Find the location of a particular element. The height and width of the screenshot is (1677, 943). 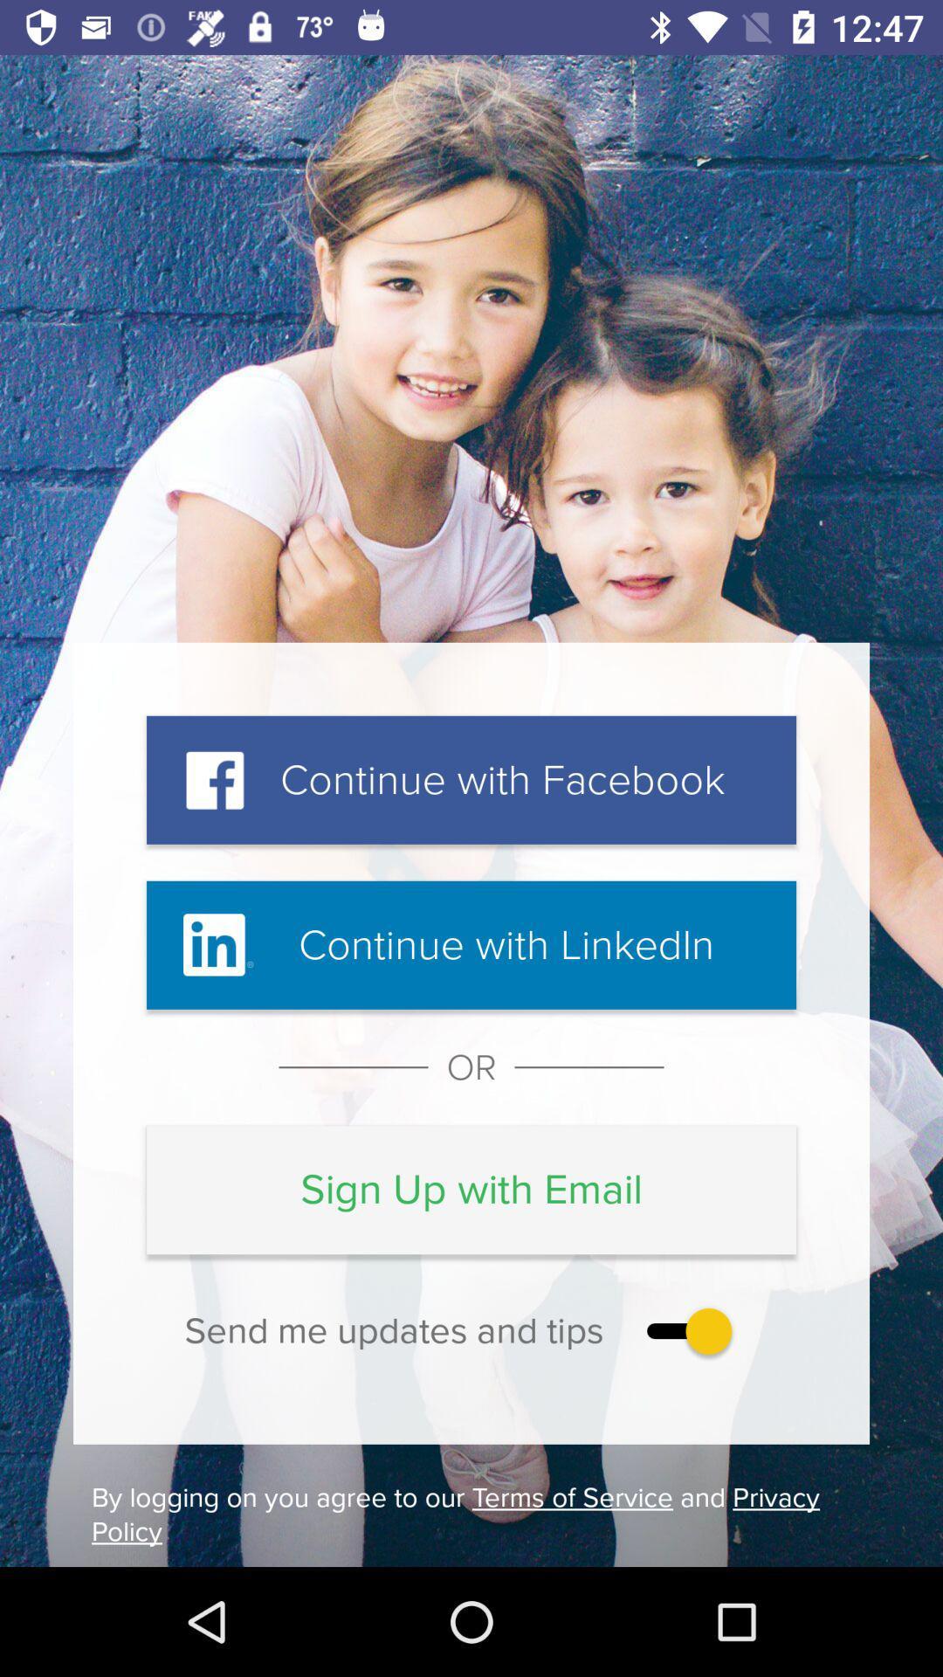

the sign up with icon is located at coordinates (471, 1189).